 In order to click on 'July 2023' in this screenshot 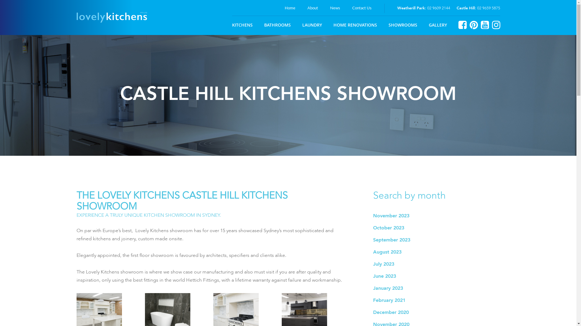, I will do `click(383, 264)`.